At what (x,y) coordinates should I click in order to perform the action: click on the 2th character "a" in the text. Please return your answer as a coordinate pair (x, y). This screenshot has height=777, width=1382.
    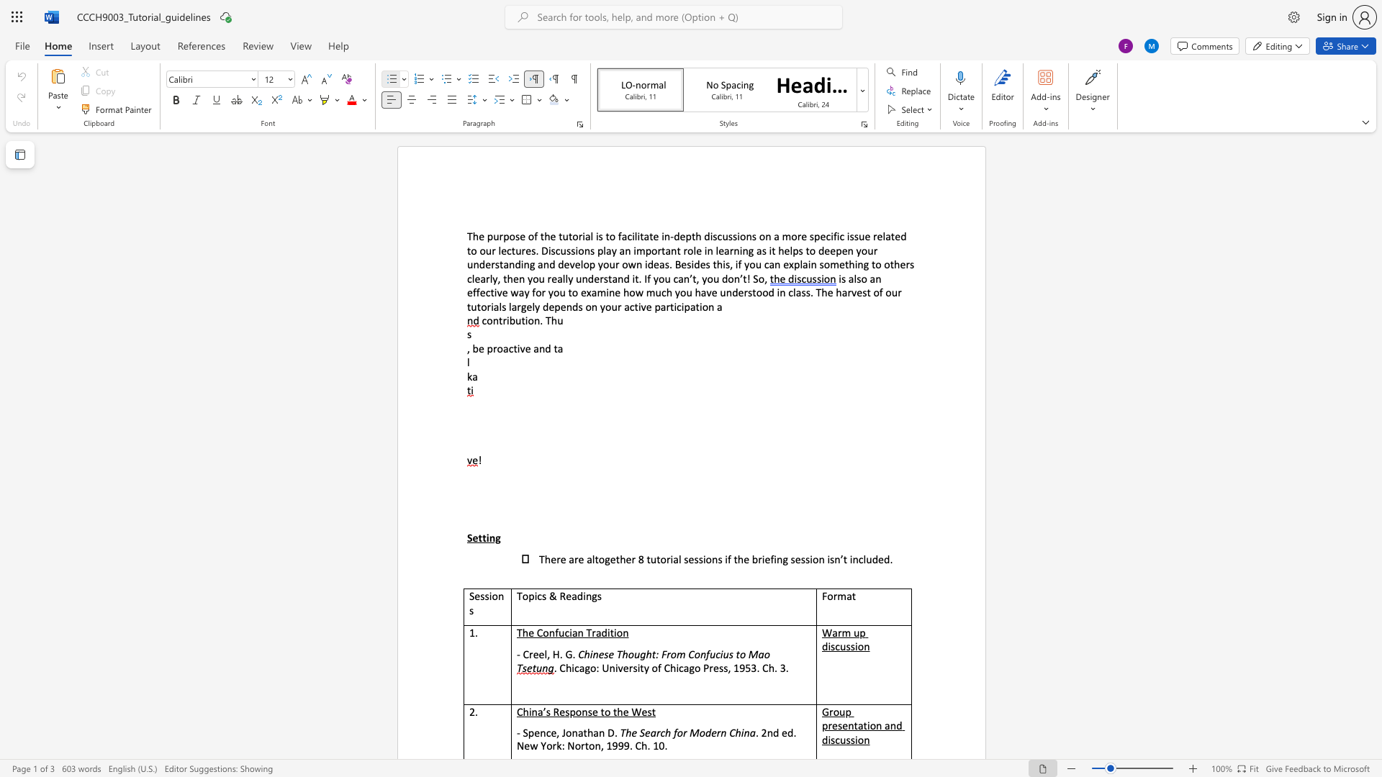
    Looking at the image, I should click on (598, 632).